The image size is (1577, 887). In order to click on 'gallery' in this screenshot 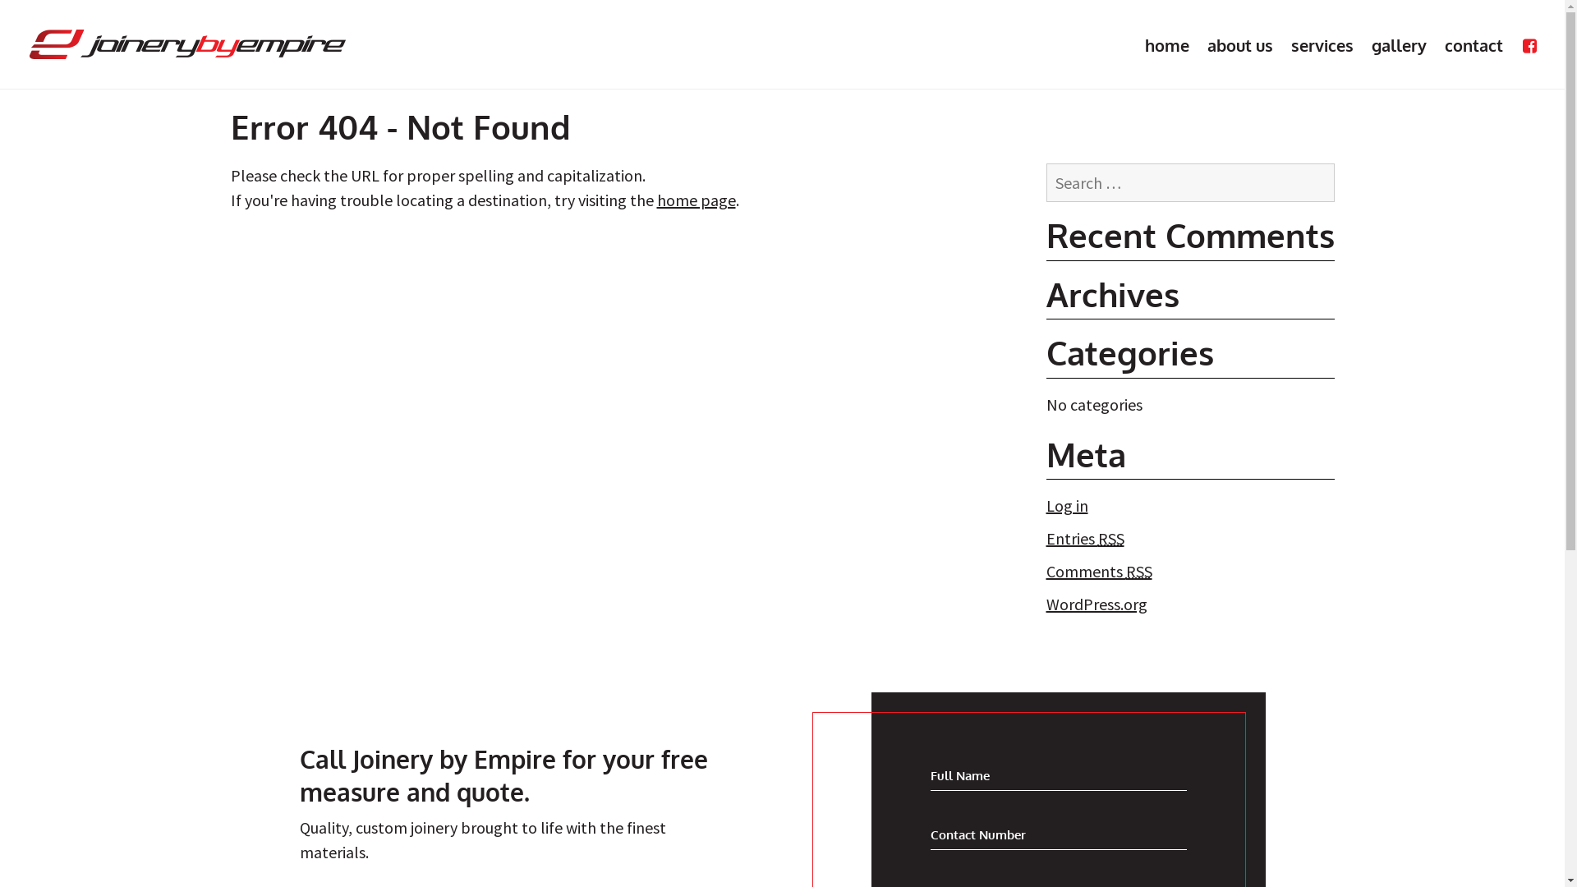, I will do `click(1398, 44)`.